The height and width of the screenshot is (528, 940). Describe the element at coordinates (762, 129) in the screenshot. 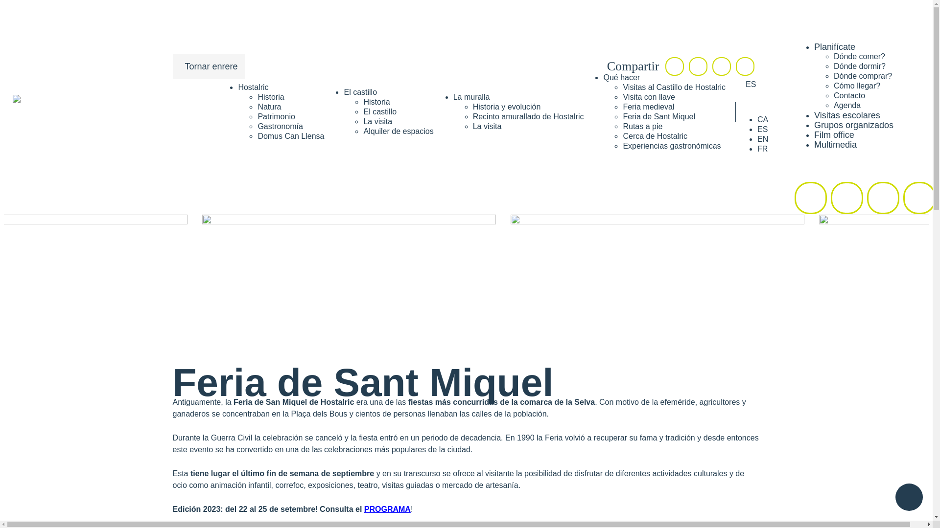

I see `'ES'` at that location.